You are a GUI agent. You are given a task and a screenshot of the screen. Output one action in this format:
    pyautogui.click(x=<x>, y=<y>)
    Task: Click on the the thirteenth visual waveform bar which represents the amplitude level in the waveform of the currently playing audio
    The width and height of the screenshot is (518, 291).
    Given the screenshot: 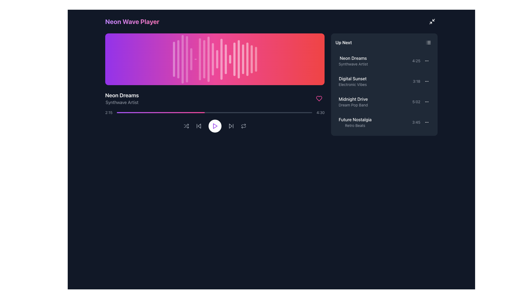 What is the action you would take?
    pyautogui.click(x=226, y=59)
    